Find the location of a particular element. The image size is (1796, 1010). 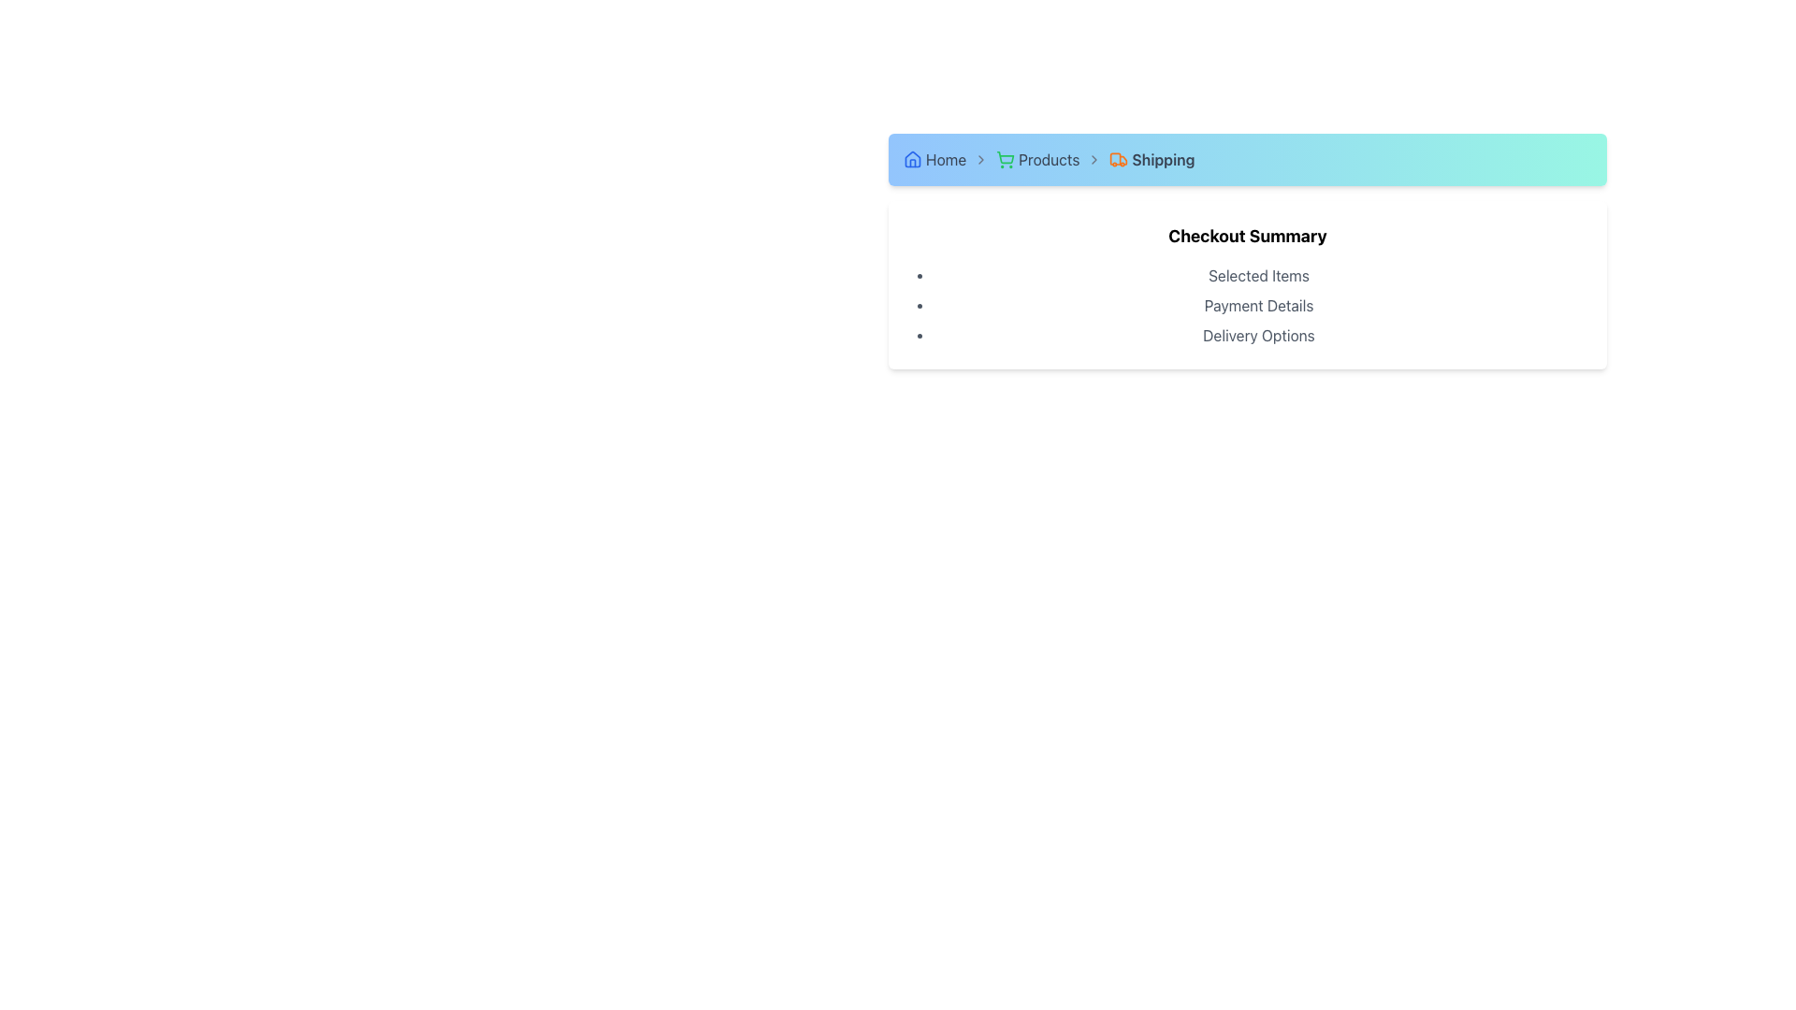

the vertical list component within the 'Checkout Summary' card is located at coordinates (1248, 305).